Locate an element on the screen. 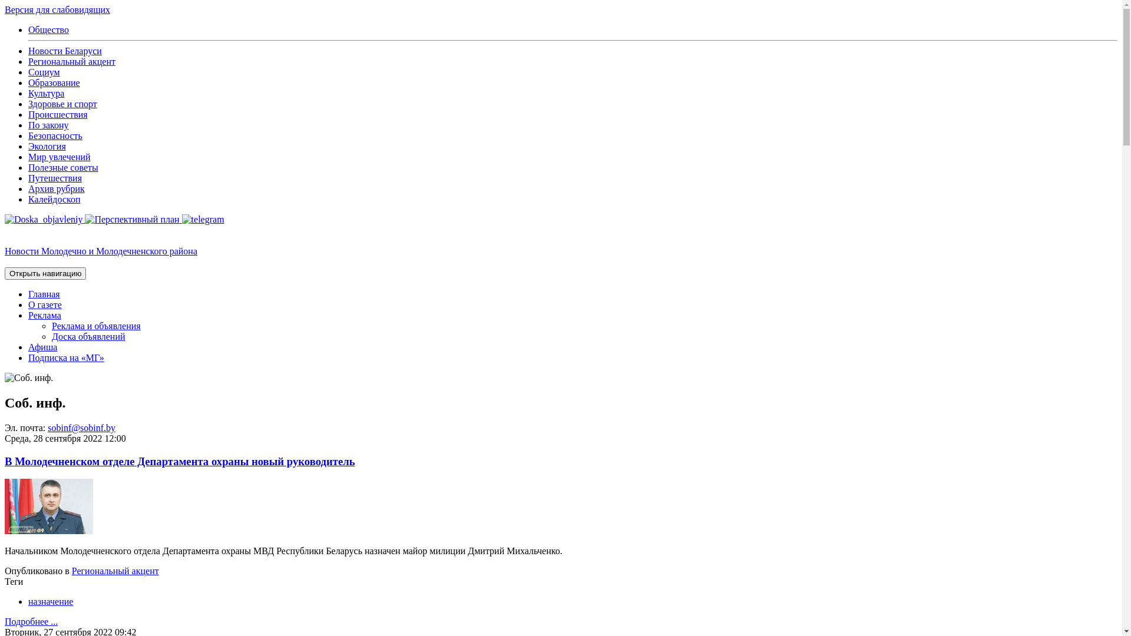  'telegram' is located at coordinates (203, 219).